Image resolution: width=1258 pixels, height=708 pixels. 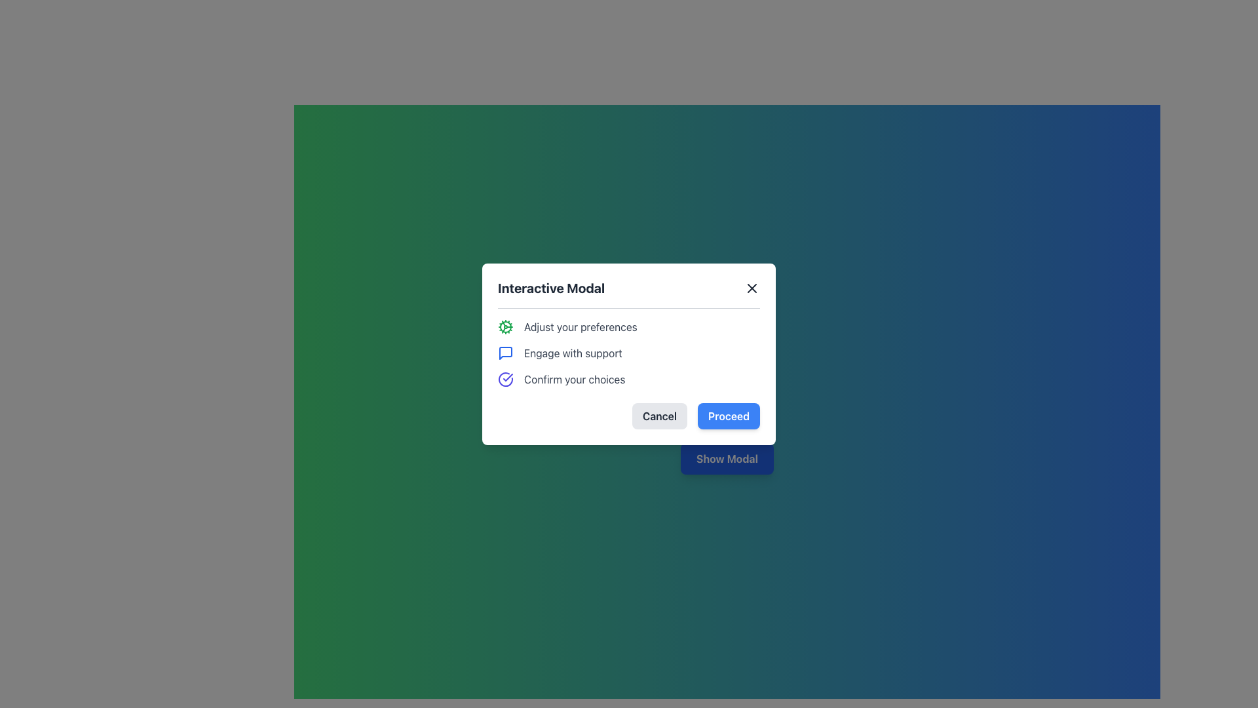 I want to click on the 'Cancel' button in the horizontal button group located at the bottom-right of the modal window, so click(x=629, y=416).